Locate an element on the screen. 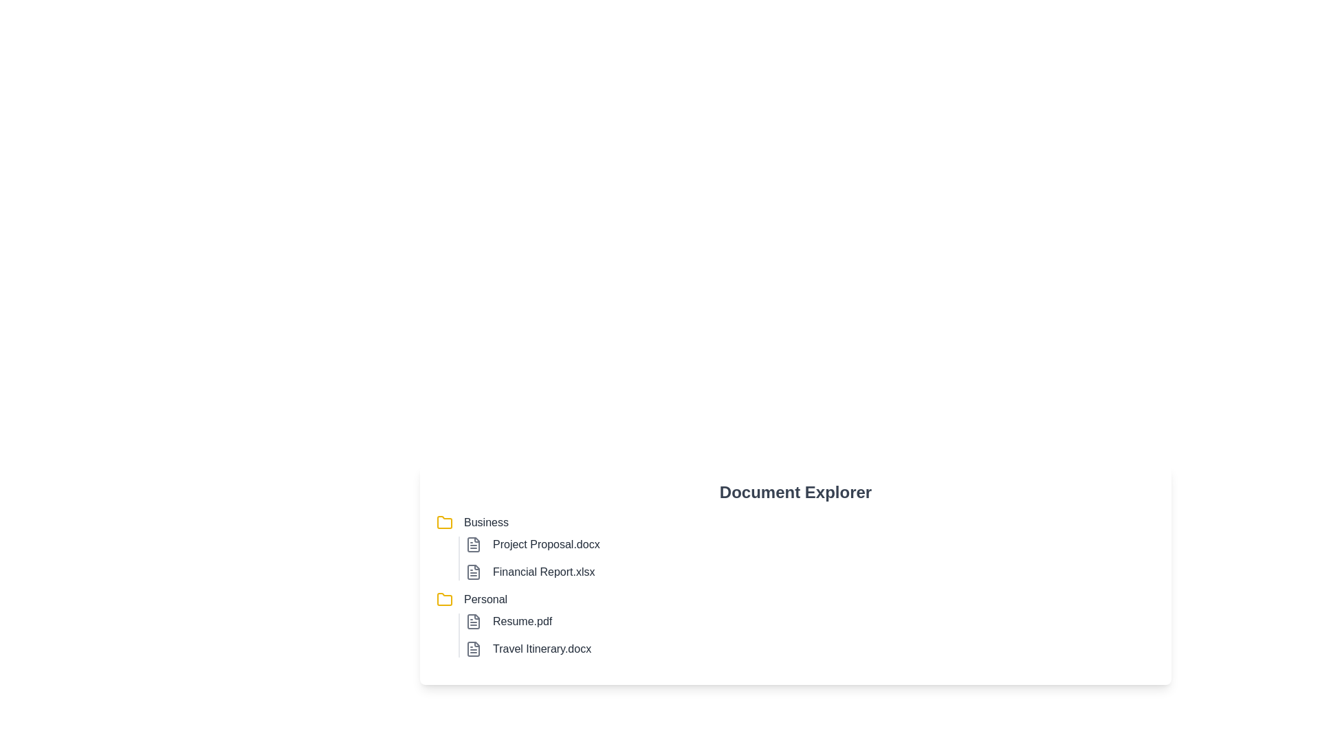 The height and width of the screenshot is (742, 1320). the small yellow folder icon located adjacent to the label 'Business' in the list layout is located at coordinates (445, 522).